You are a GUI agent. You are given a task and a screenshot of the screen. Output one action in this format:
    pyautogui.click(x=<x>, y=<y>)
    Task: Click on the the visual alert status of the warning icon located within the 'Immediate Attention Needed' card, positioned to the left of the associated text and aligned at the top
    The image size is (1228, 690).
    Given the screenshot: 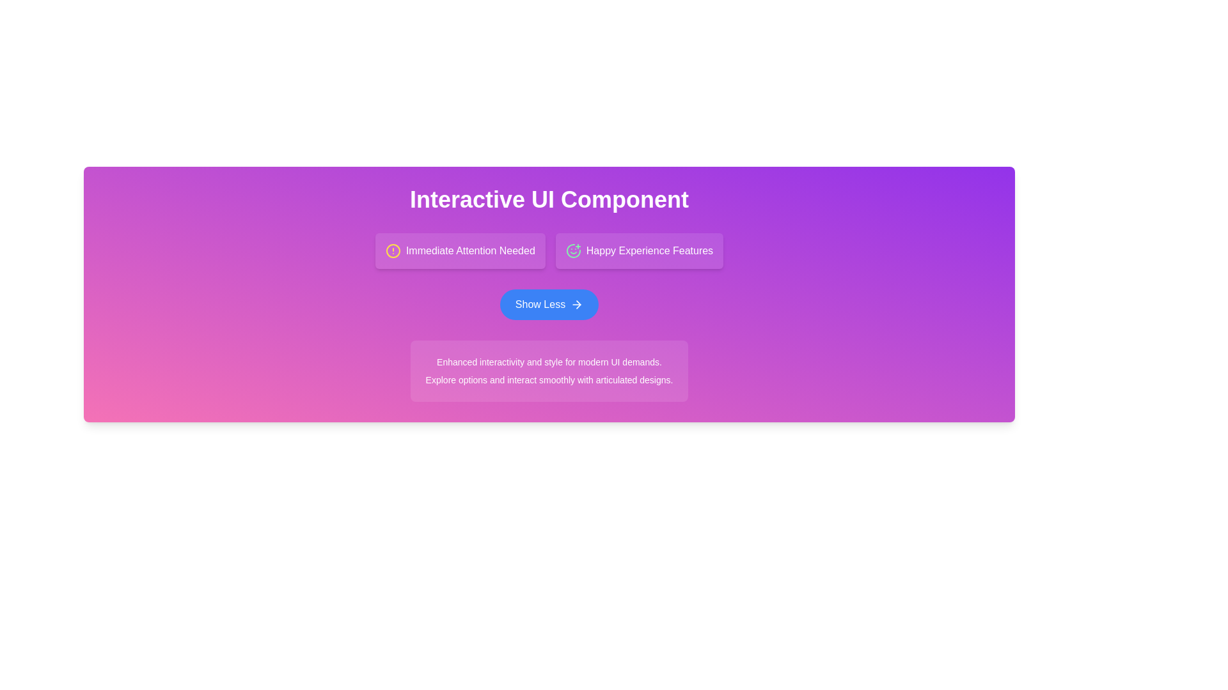 What is the action you would take?
    pyautogui.click(x=392, y=251)
    